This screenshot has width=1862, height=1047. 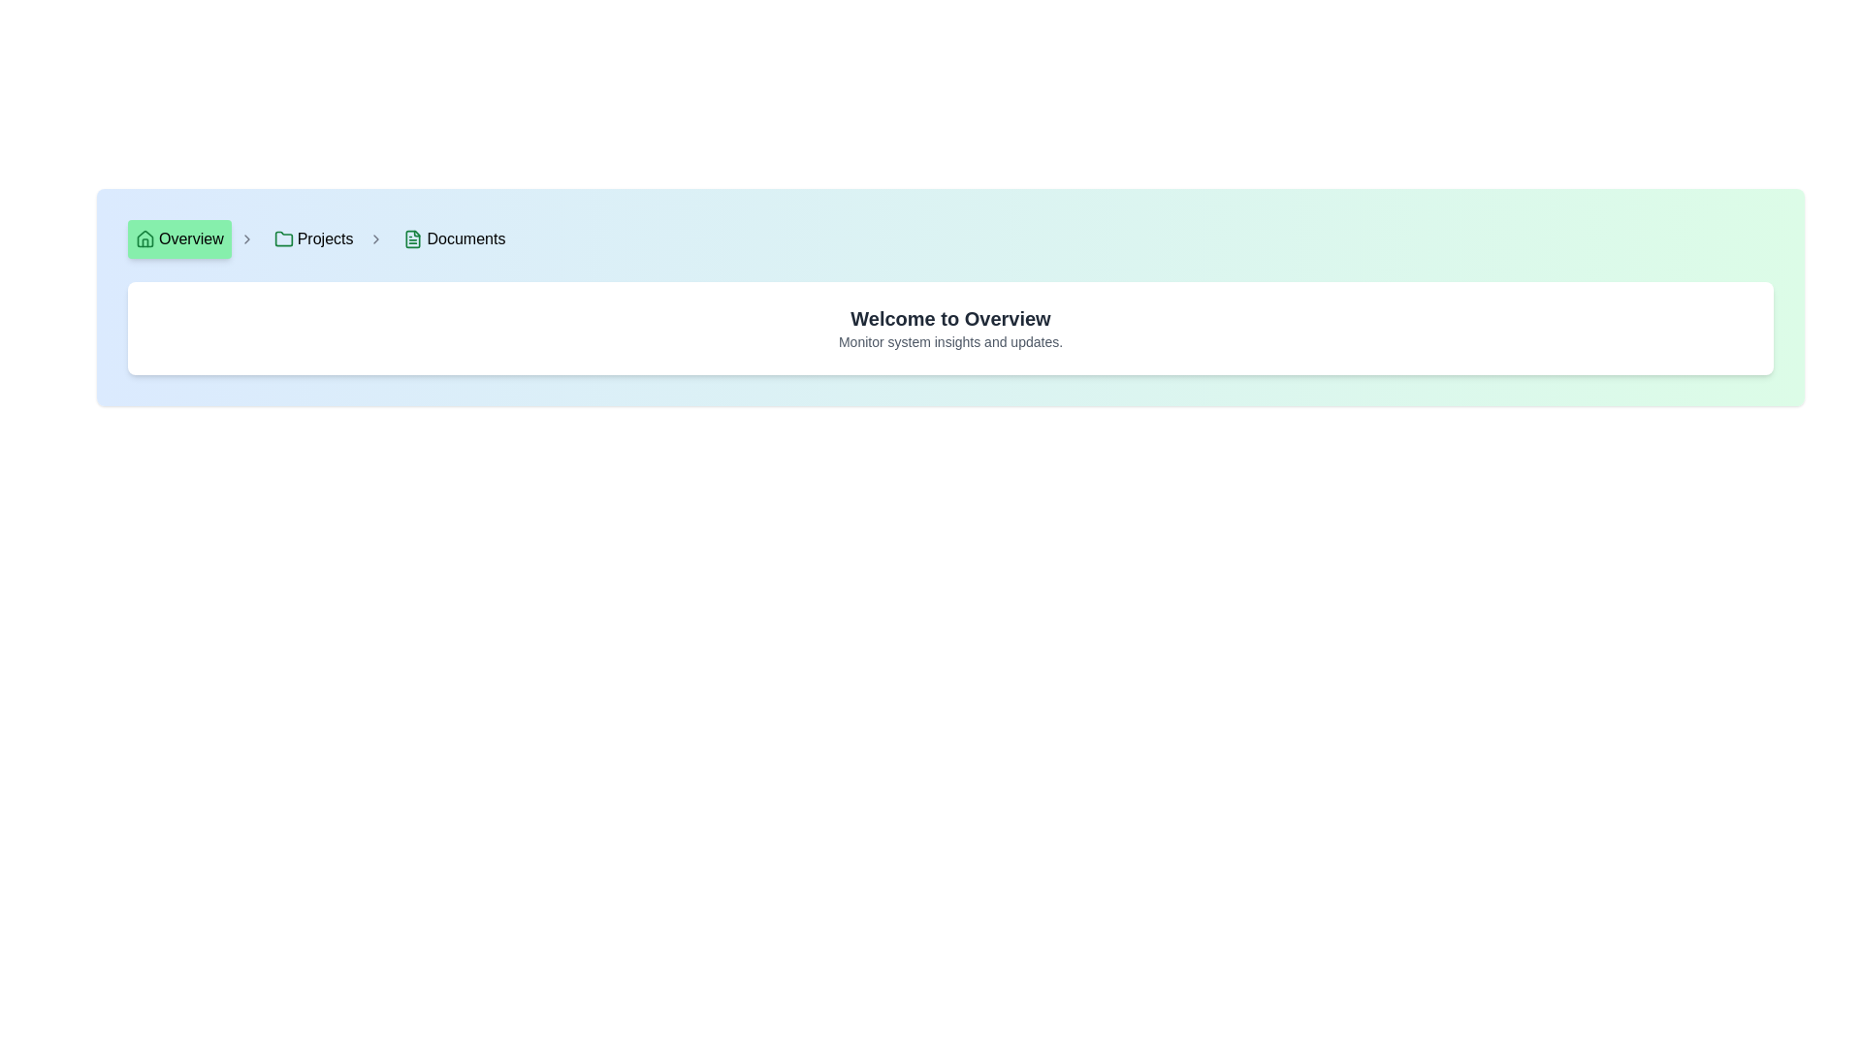 What do you see at coordinates (465, 238) in the screenshot?
I see `the 'Documents' text label located in the breadcrumb navigation bar, positioned to the right of the document icon` at bounding box center [465, 238].